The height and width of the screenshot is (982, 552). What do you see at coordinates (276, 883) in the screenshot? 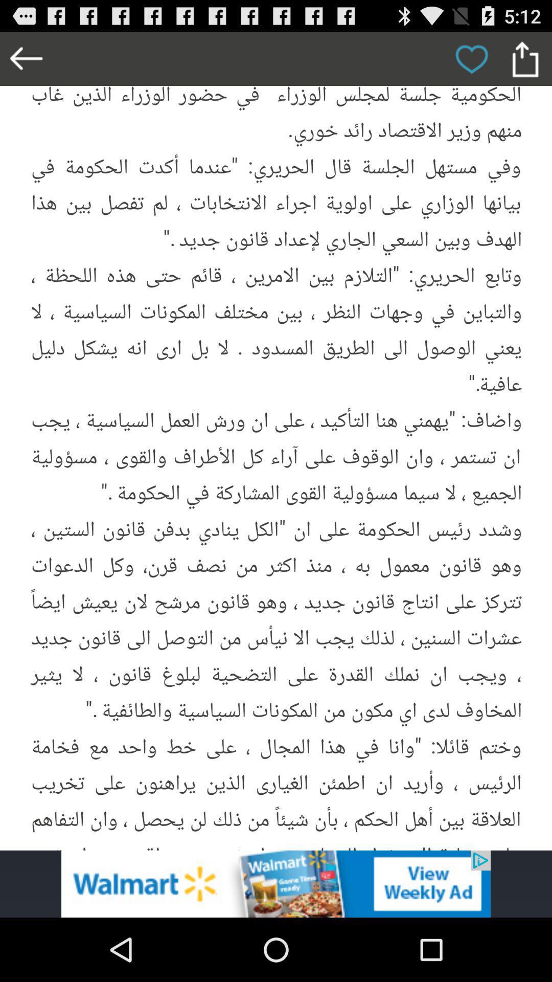
I see `advertisement link` at bounding box center [276, 883].